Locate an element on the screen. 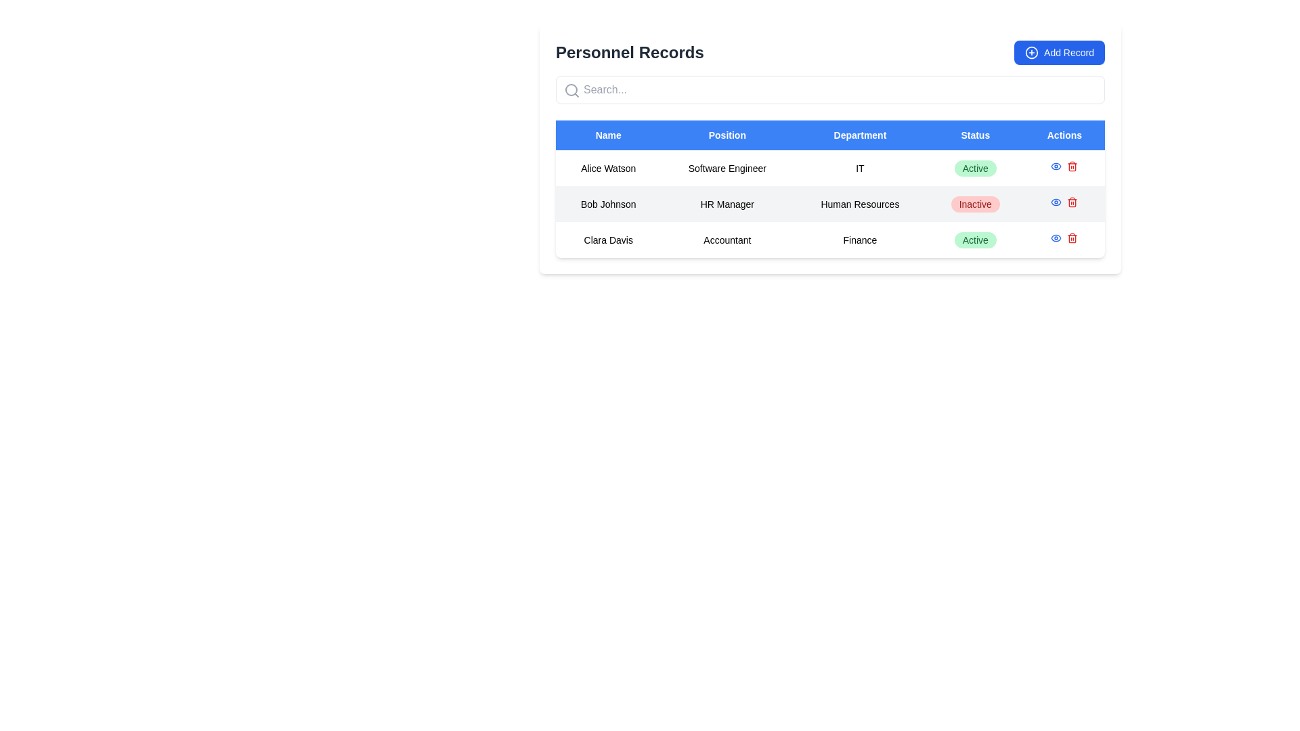 The image size is (1300, 731). the second row in the personnel records table containing the name 'Bob Johnson', role 'HR Manager', department 'Human Resources', and status 'Inactive' is located at coordinates (829, 204).